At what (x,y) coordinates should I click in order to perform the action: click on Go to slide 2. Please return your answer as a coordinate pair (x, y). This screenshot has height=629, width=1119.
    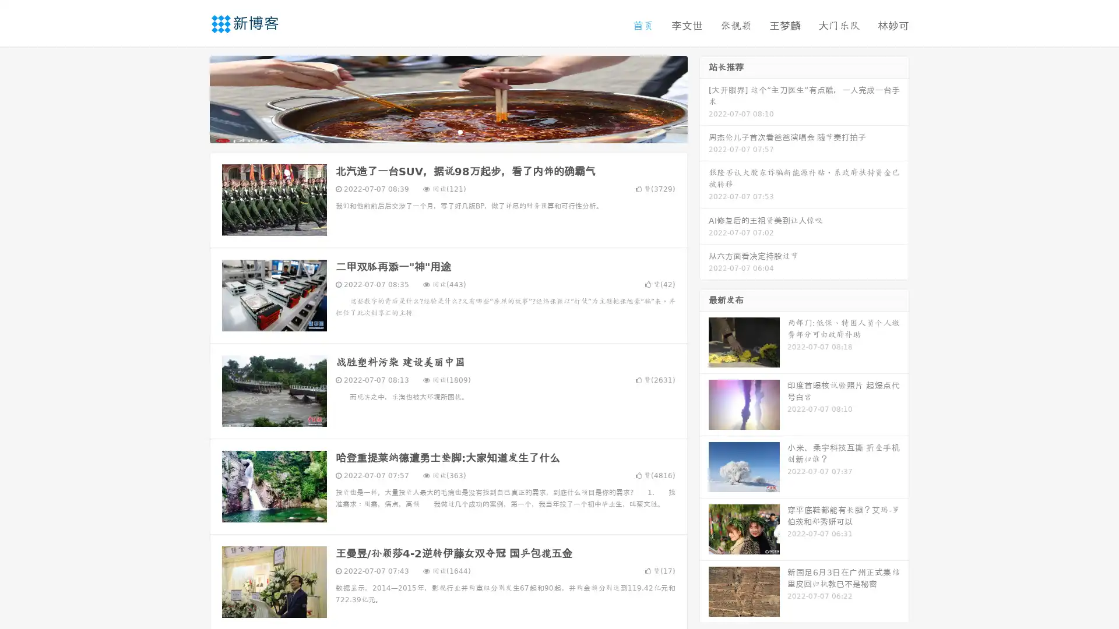
    Looking at the image, I should click on (448, 131).